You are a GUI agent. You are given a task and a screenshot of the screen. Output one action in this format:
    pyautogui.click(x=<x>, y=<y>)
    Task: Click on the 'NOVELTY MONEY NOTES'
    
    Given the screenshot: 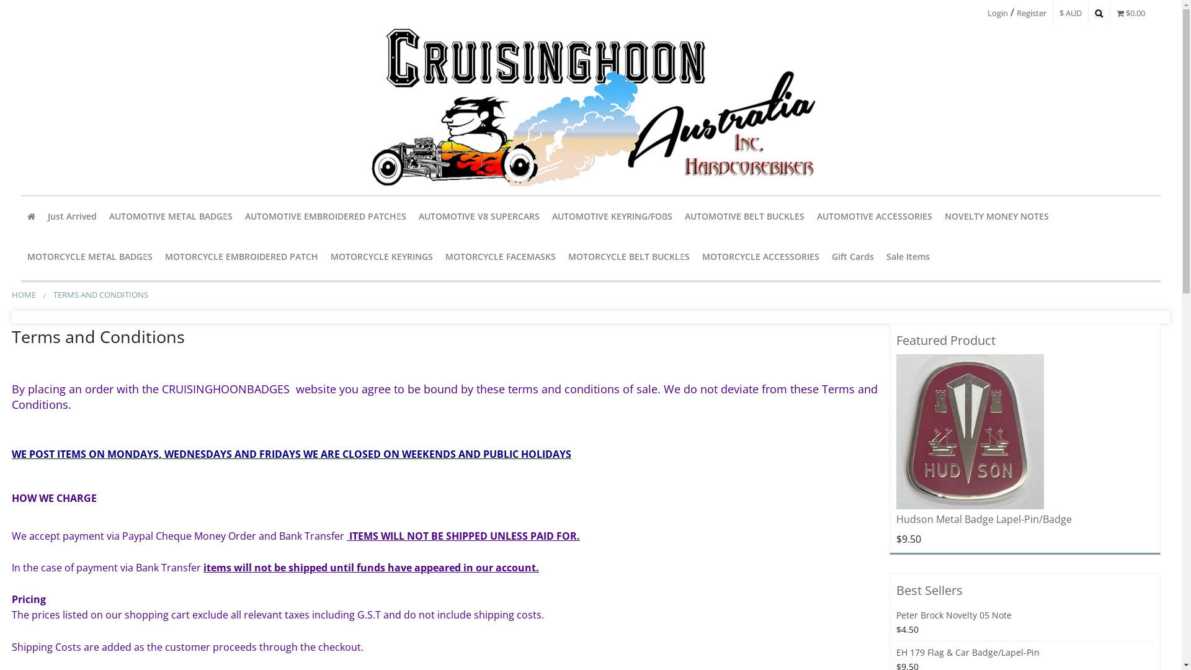 What is the action you would take?
    pyautogui.click(x=997, y=215)
    